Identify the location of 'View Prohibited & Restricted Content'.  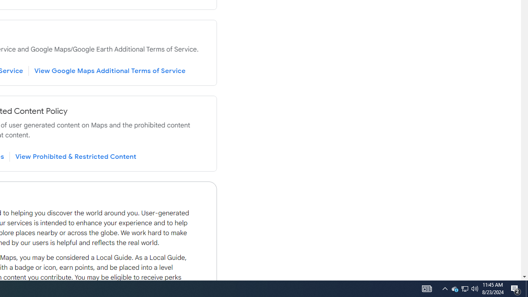
(76, 156).